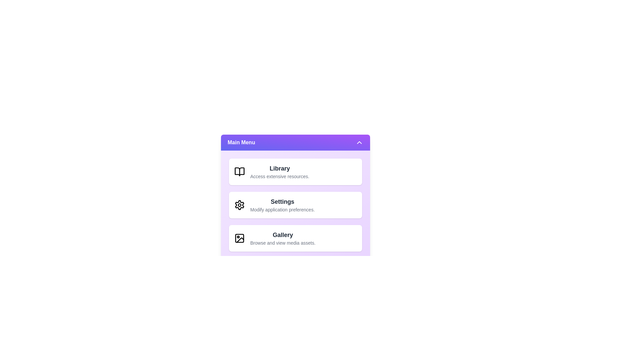 This screenshot has height=359, width=639. What do you see at coordinates (295, 142) in the screenshot?
I see `the 'Main Menu' button to toggle the menu visibility` at bounding box center [295, 142].